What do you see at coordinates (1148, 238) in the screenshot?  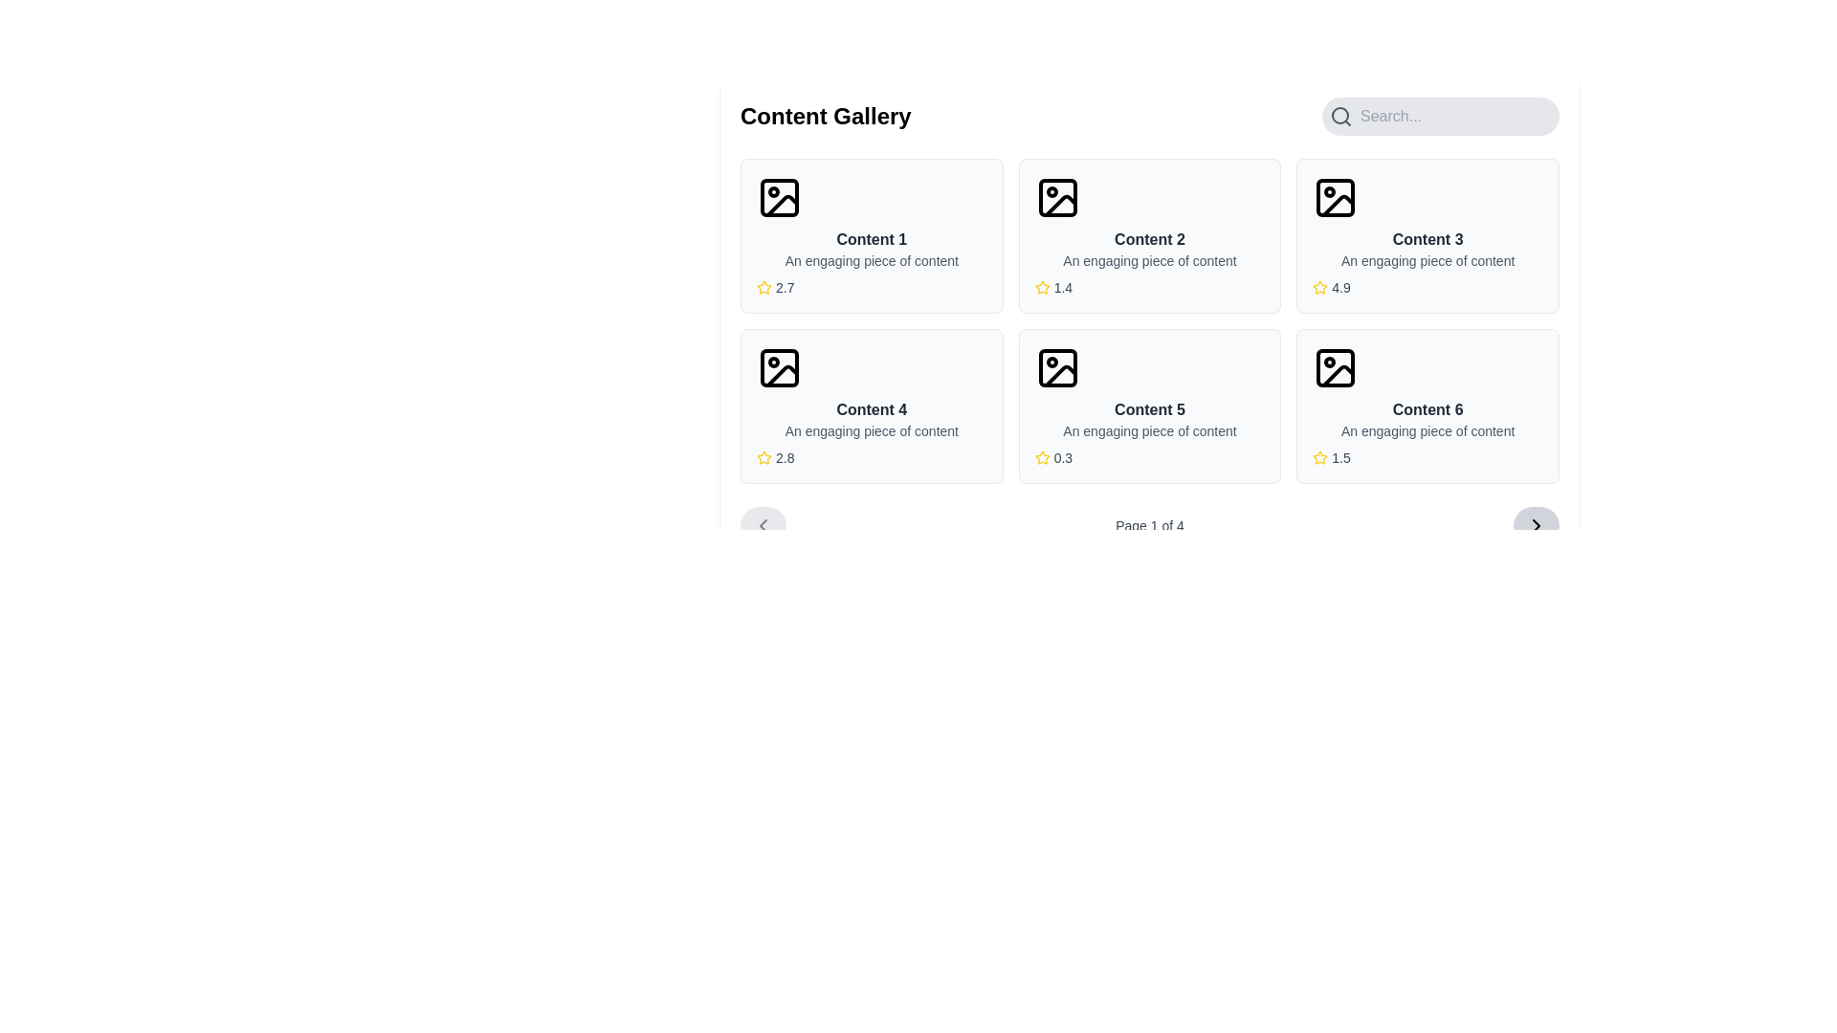 I see `the text label that serves as the title for the content card located in the top row, second from left in the grid layout` at bounding box center [1148, 238].